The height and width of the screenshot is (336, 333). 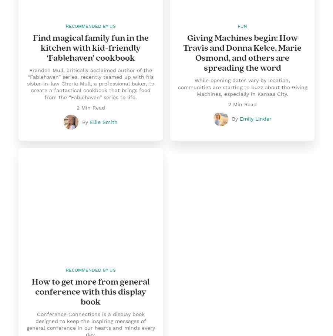 What do you see at coordinates (90, 48) in the screenshot?
I see `'Find magical family fun in the kitchen with kid-friendly ‘Fablehaven’ cookbook'` at bounding box center [90, 48].